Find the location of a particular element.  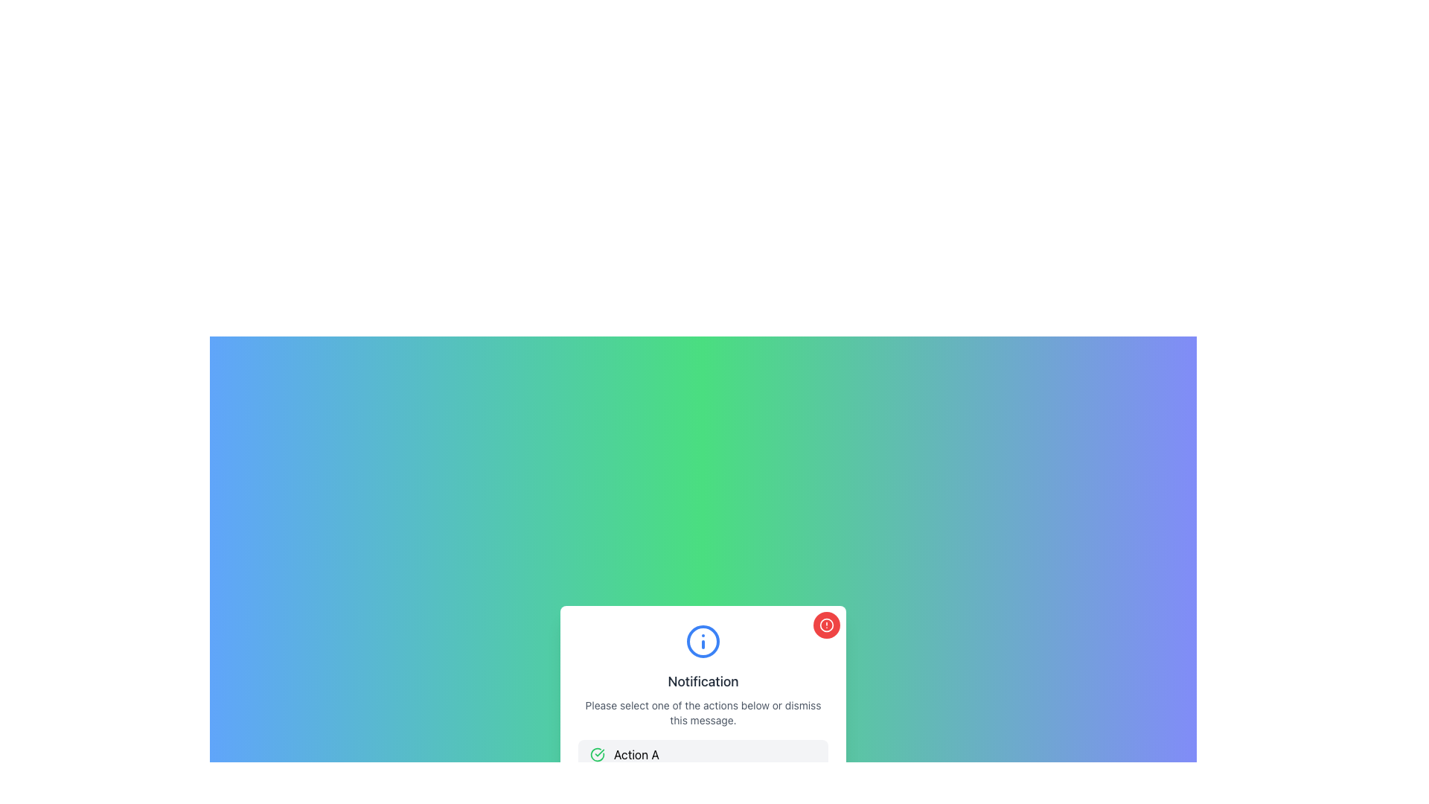

the green circular icon in the top-right corner of the notification dialog that contains a checkmark symbol, indicating successful status is located at coordinates (597, 755).